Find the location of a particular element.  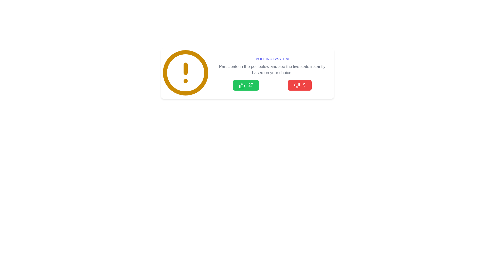

text presented in the 'Polling System' section, which includes a title in purple and descriptive text in gray, along with two interactive buttons below is located at coordinates (272, 73).